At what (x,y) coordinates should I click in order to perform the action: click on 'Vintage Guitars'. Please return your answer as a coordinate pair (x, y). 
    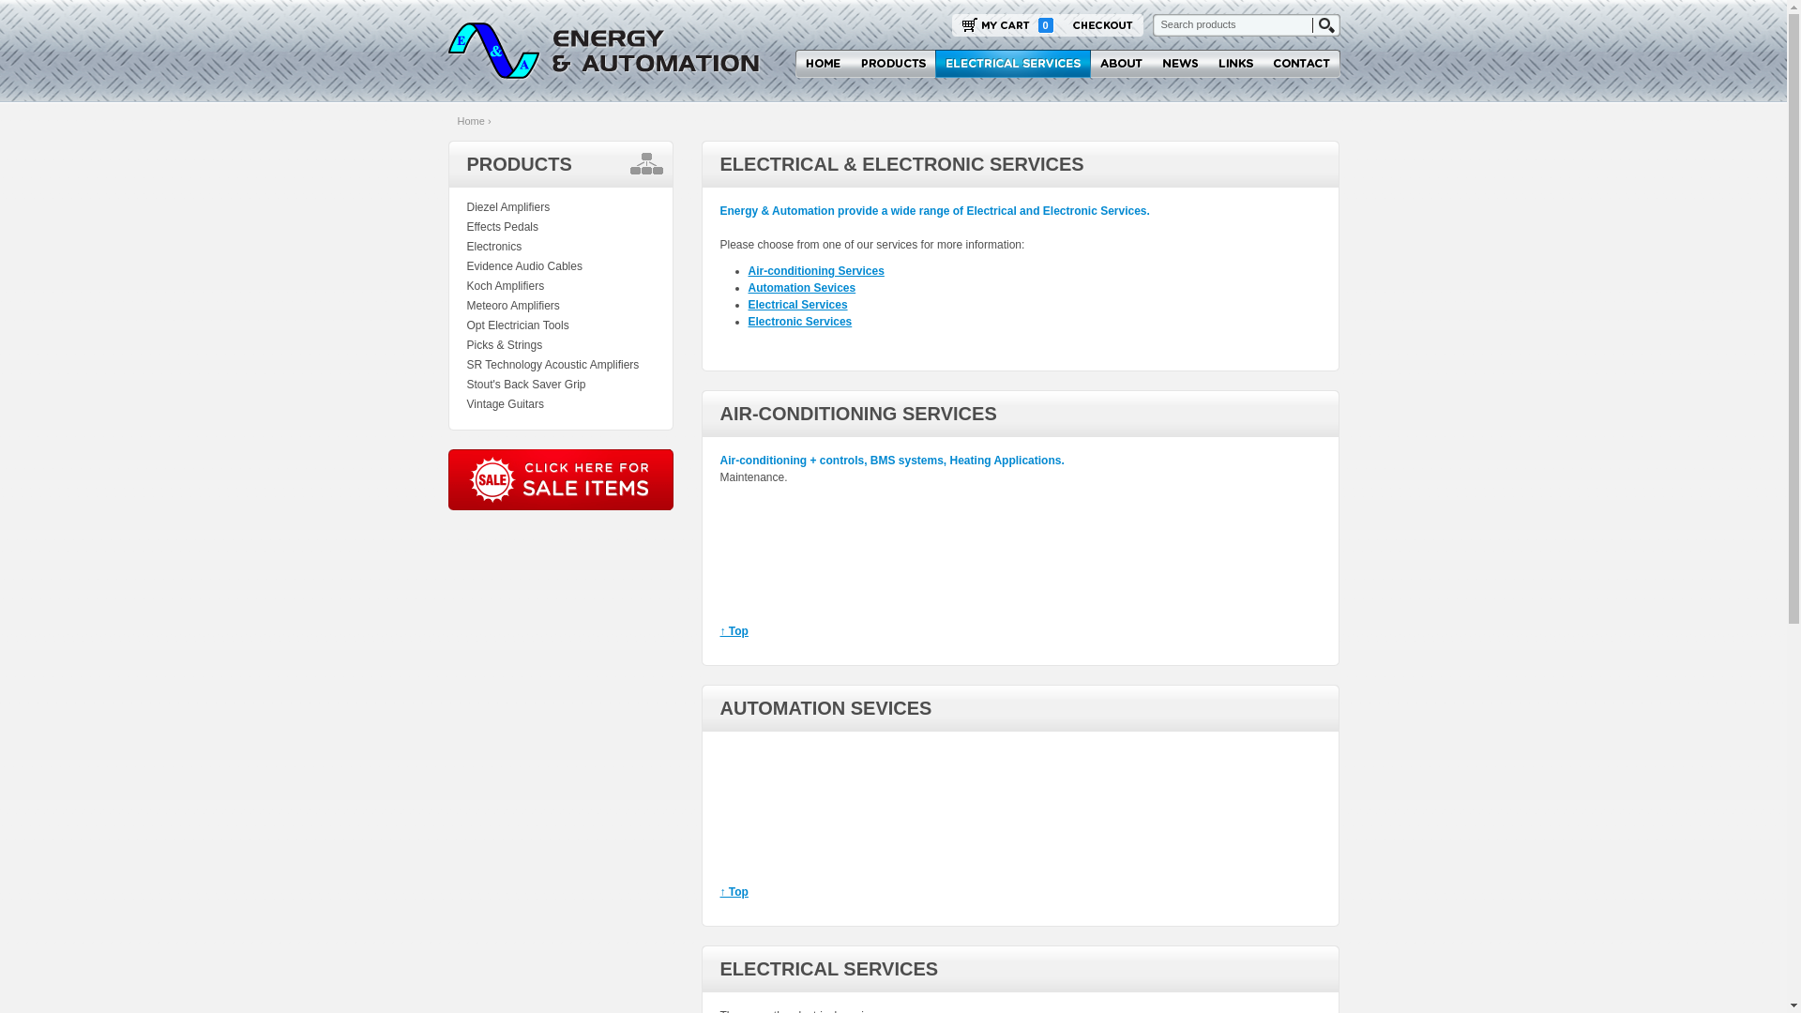
    Looking at the image, I should click on (505, 403).